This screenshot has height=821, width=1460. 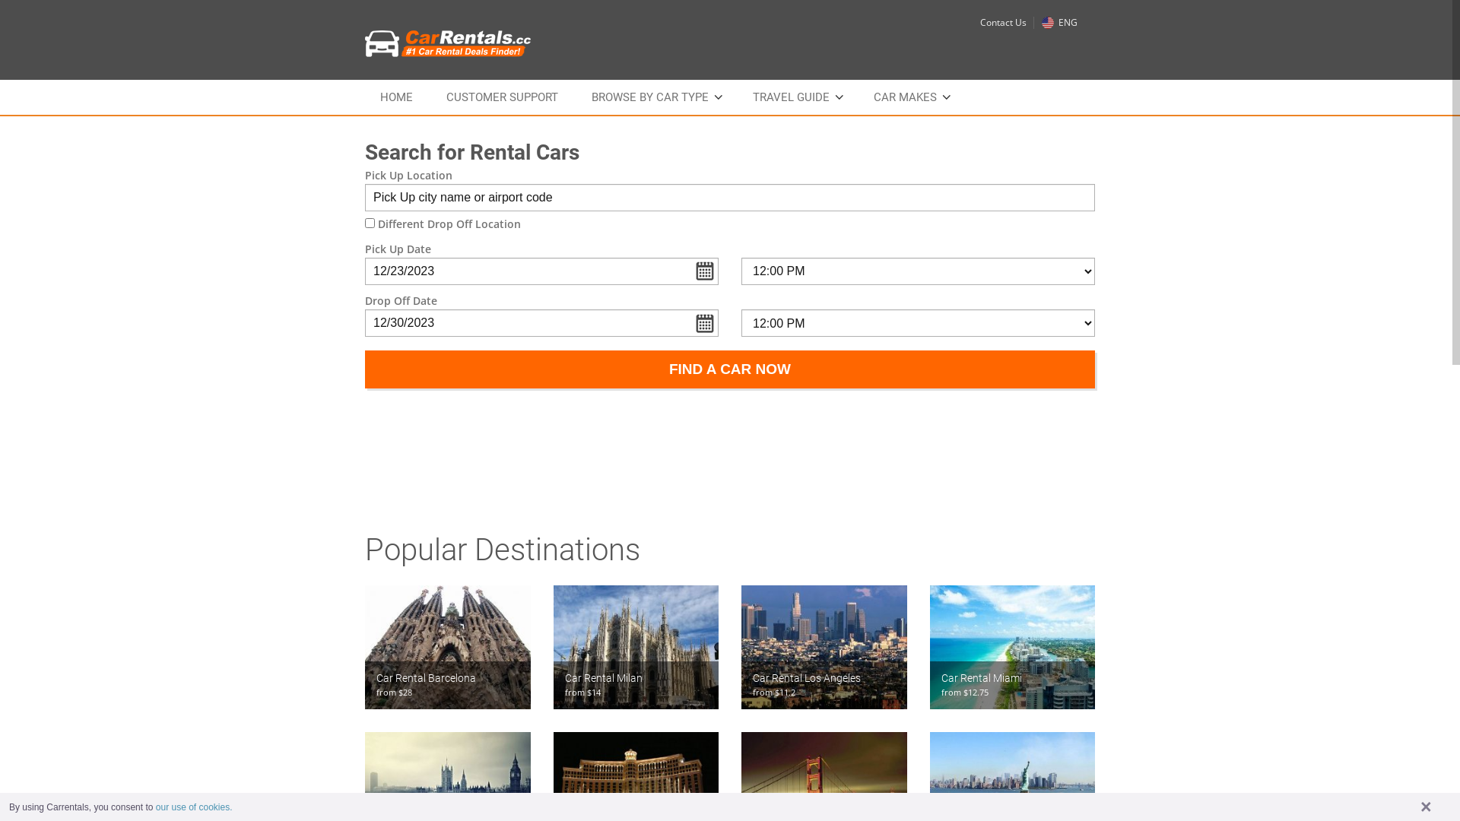 What do you see at coordinates (1046, 23) in the screenshot?
I see `'en'` at bounding box center [1046, 23].